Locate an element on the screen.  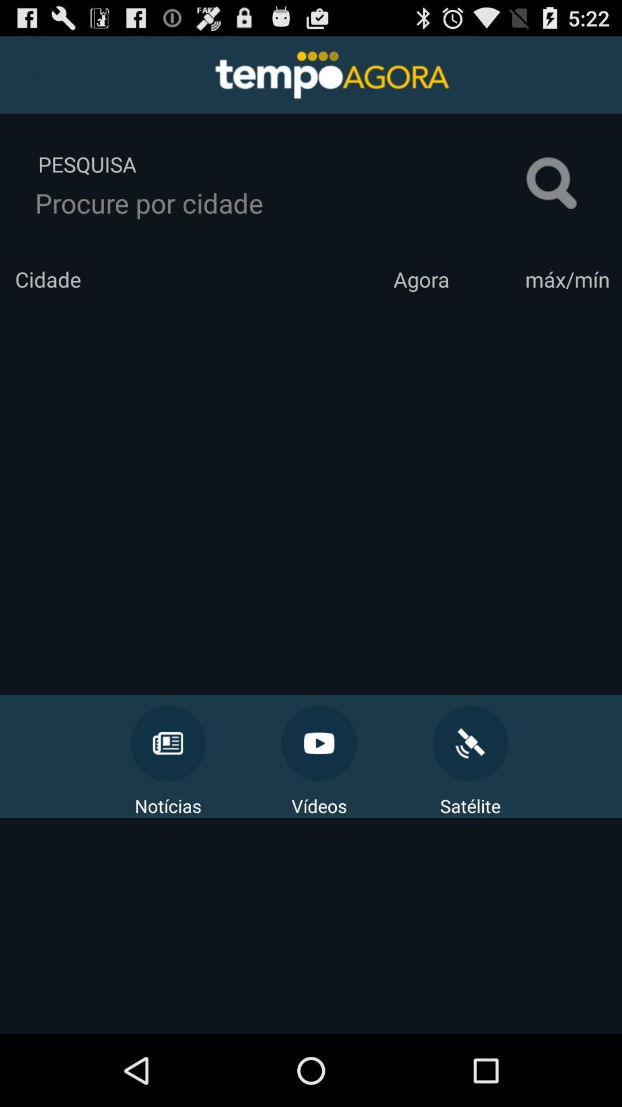
the item below the pesquisa item is located at coordinates (280, 203).